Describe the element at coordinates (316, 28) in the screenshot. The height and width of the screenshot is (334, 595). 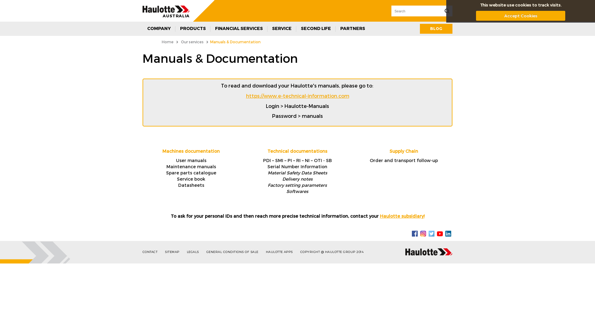
I see `'SECOND LIFE'` at that location.